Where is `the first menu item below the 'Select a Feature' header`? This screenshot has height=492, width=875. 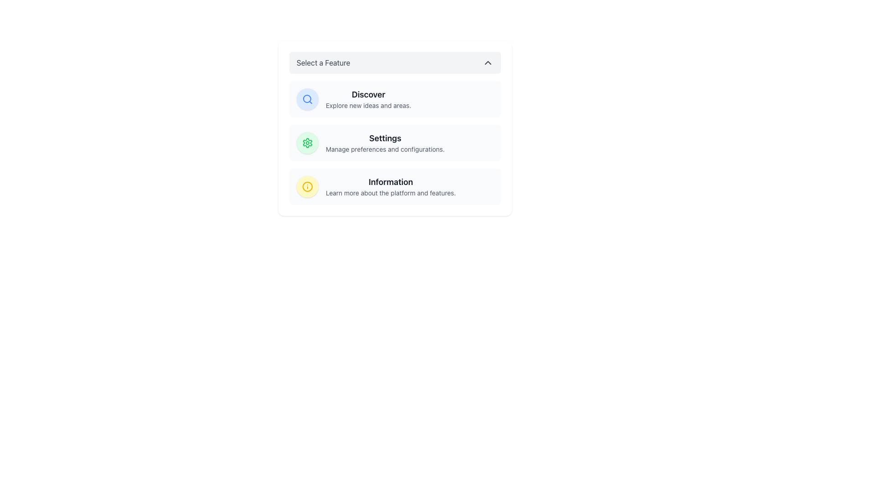 the first menu item below the 'Select a Feature' header is located at coordinates (395, 99).